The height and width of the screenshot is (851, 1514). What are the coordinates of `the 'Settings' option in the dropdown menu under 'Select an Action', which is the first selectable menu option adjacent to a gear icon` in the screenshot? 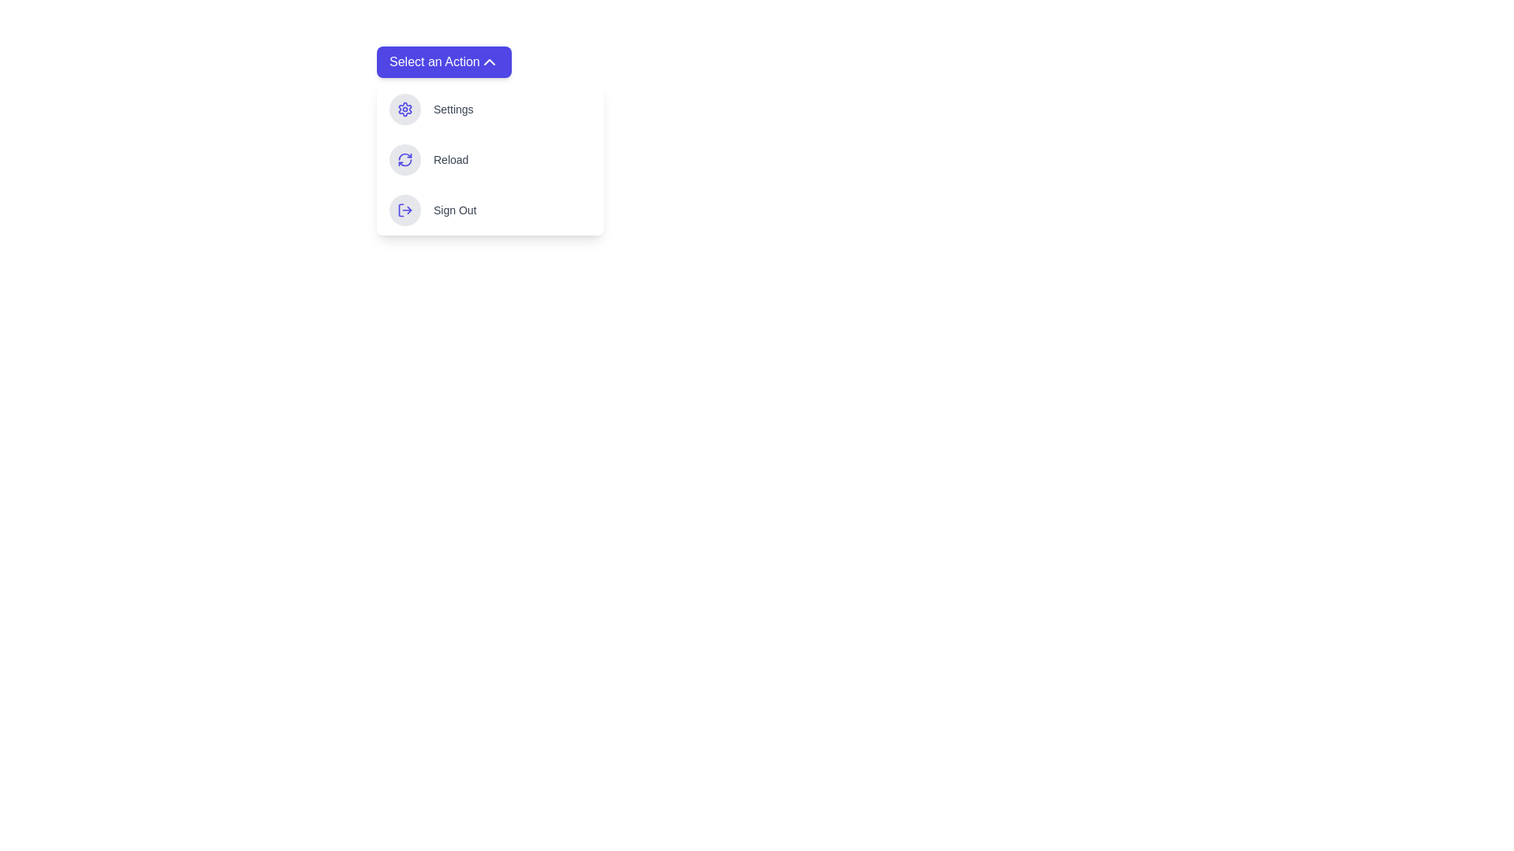 It's located at (453, 108).